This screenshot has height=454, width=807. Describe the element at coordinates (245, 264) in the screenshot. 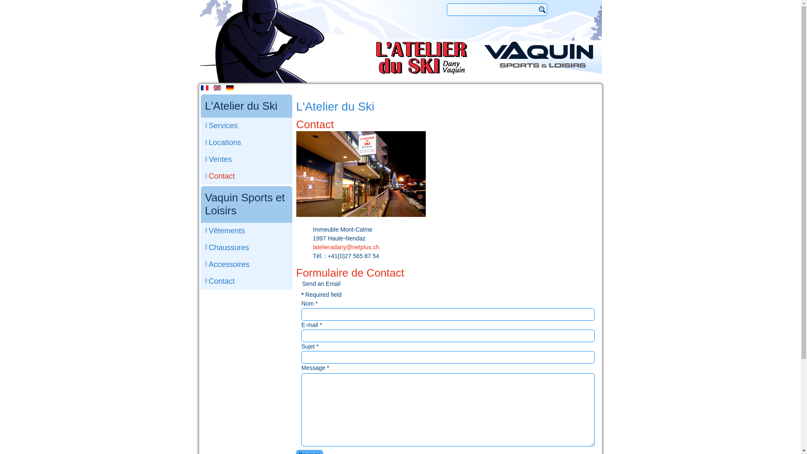

I see `'Accessoires'` at that location.